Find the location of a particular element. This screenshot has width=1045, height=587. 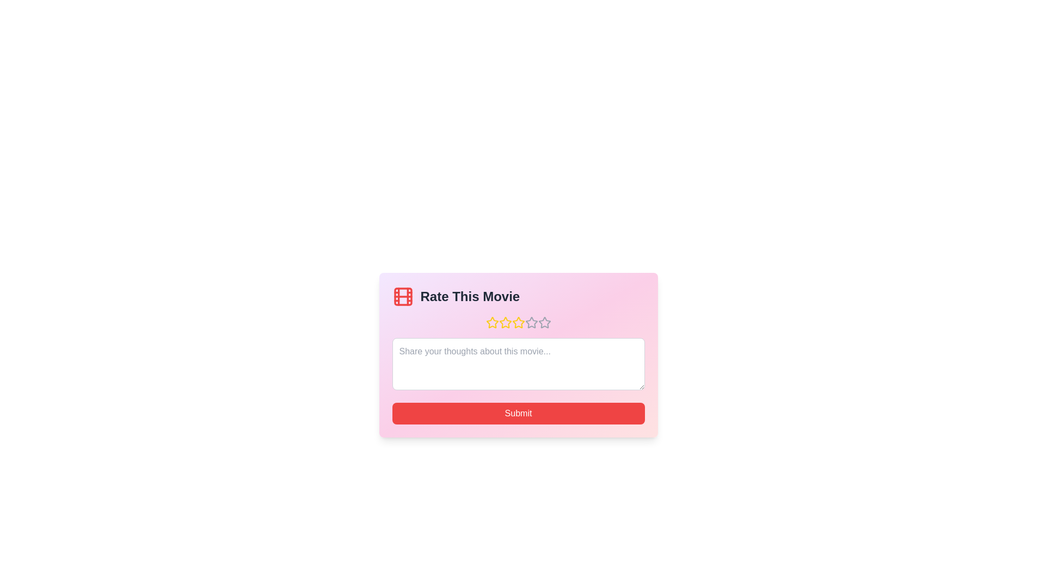

the star representing 1 stars to preview the rating is located at coordinates (491, 322).